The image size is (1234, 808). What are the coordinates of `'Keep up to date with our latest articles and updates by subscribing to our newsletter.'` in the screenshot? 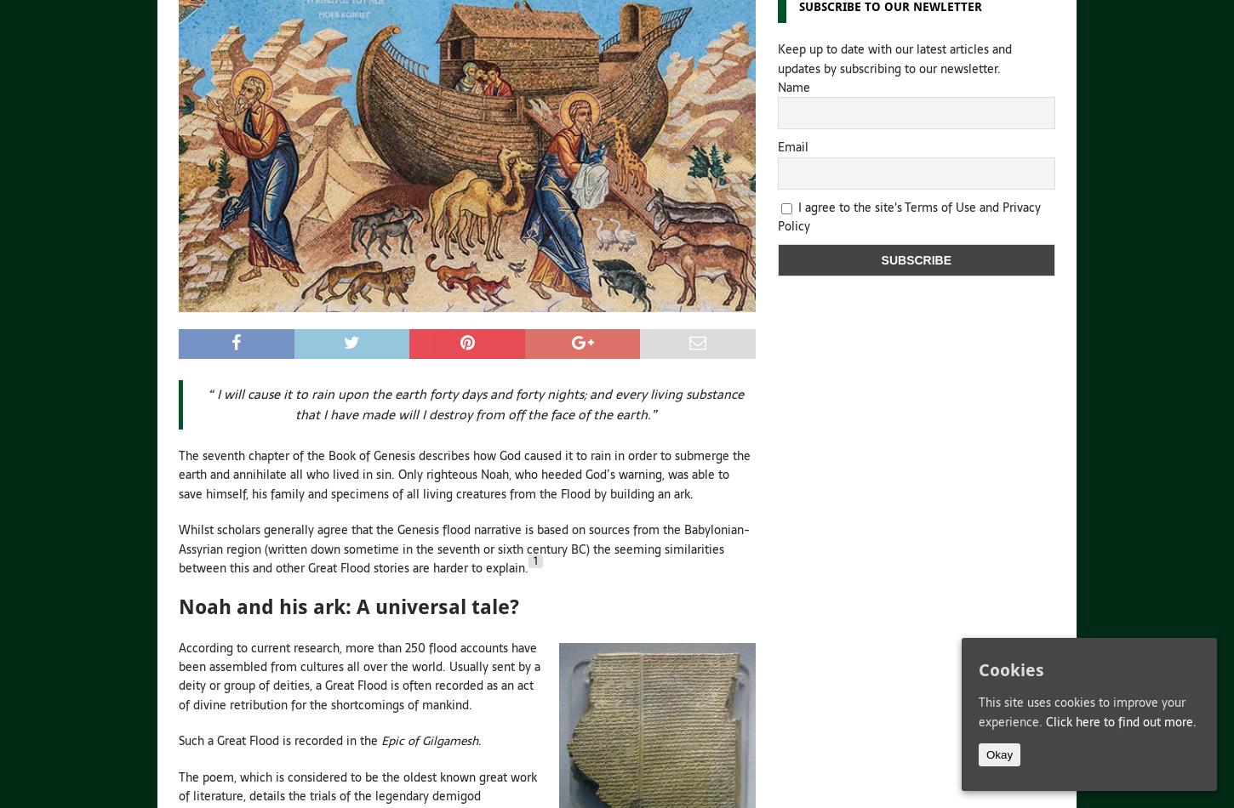 It's located at (894, 58).